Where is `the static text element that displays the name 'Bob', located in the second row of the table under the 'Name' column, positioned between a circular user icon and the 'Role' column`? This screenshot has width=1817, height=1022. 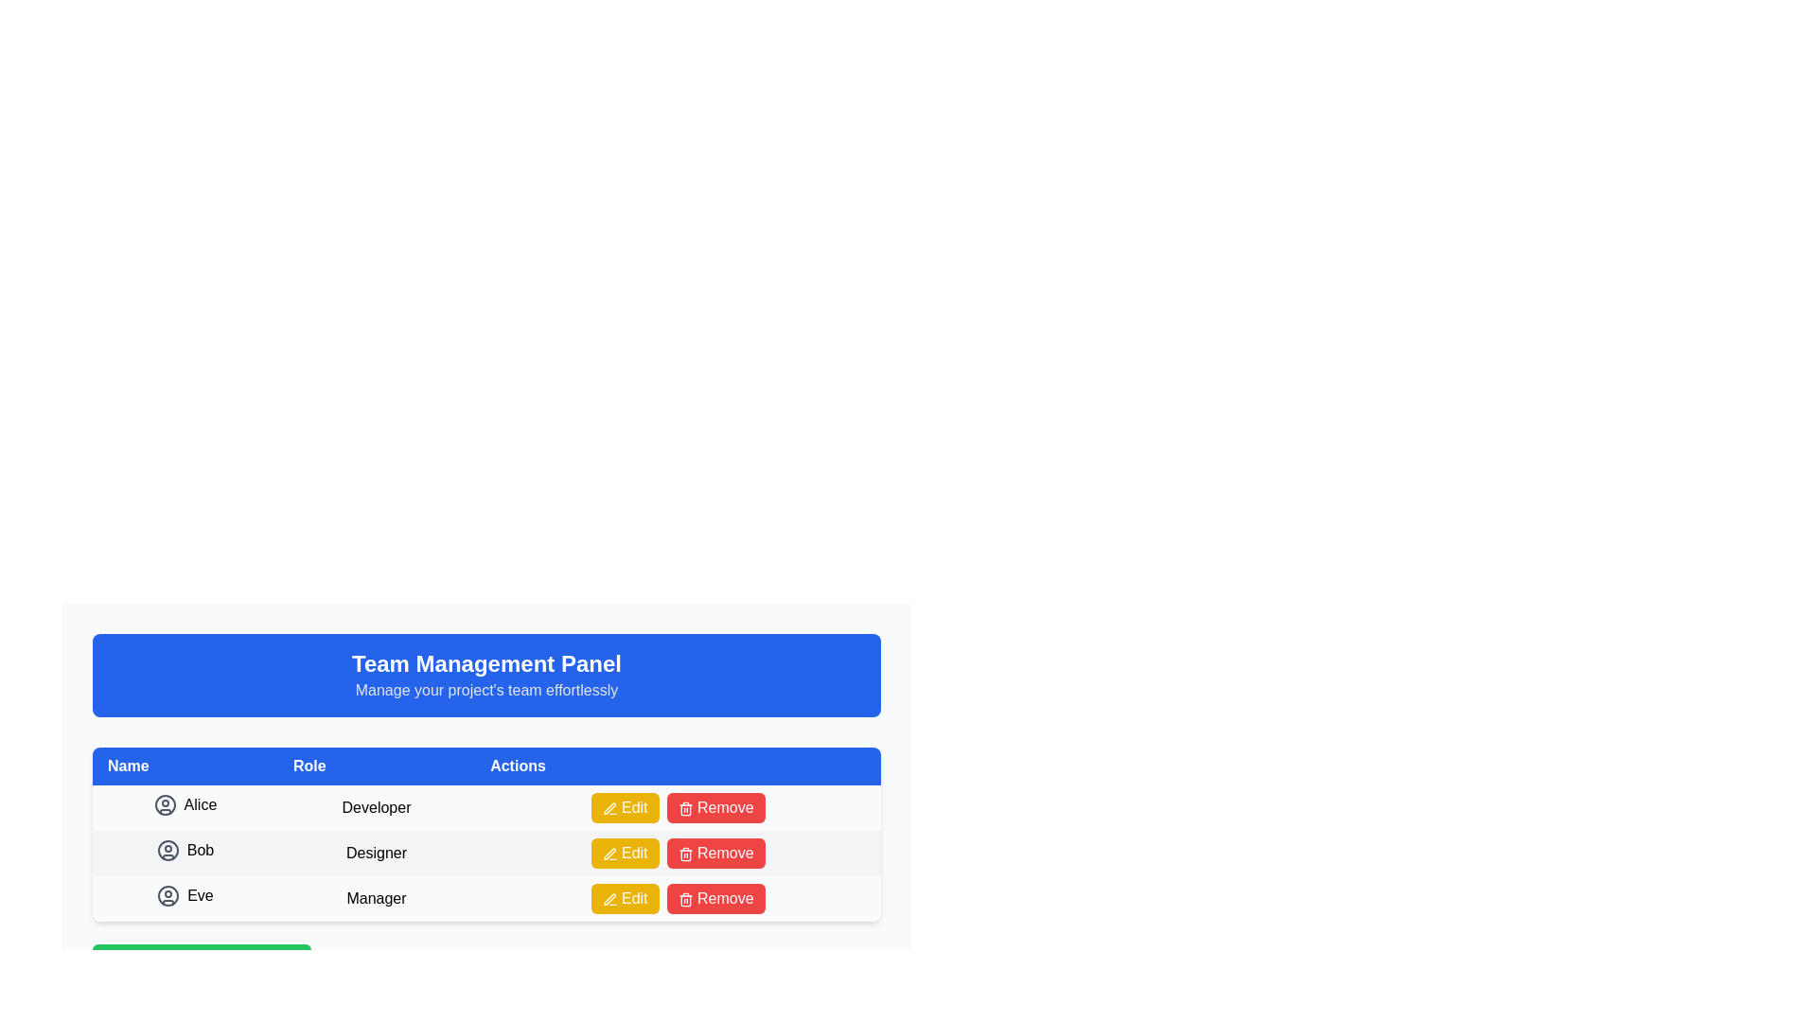
the static text element that displays the name 'Bob', located in the second row of the table under the 'Name' column, positioned between a circular user icon and the 'Role' column is located at coordinates (200, 849).